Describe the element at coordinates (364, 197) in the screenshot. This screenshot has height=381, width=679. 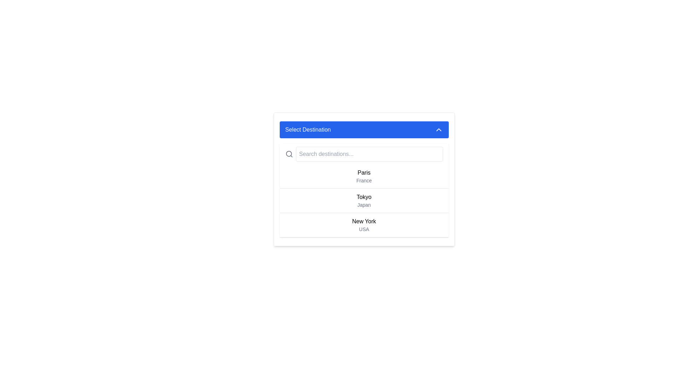
I see `the static text label for 'Tokyo' located under the header 'Select Destination' in the second row of selectable destinations` at that location.